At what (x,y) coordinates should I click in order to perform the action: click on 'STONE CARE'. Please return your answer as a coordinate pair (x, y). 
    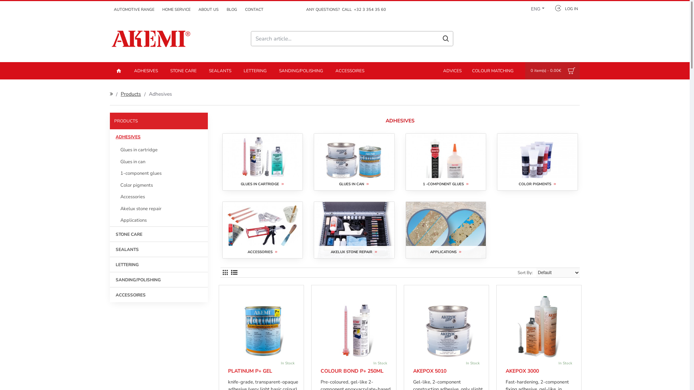
    Looking at the image, I should click on (183, 71).